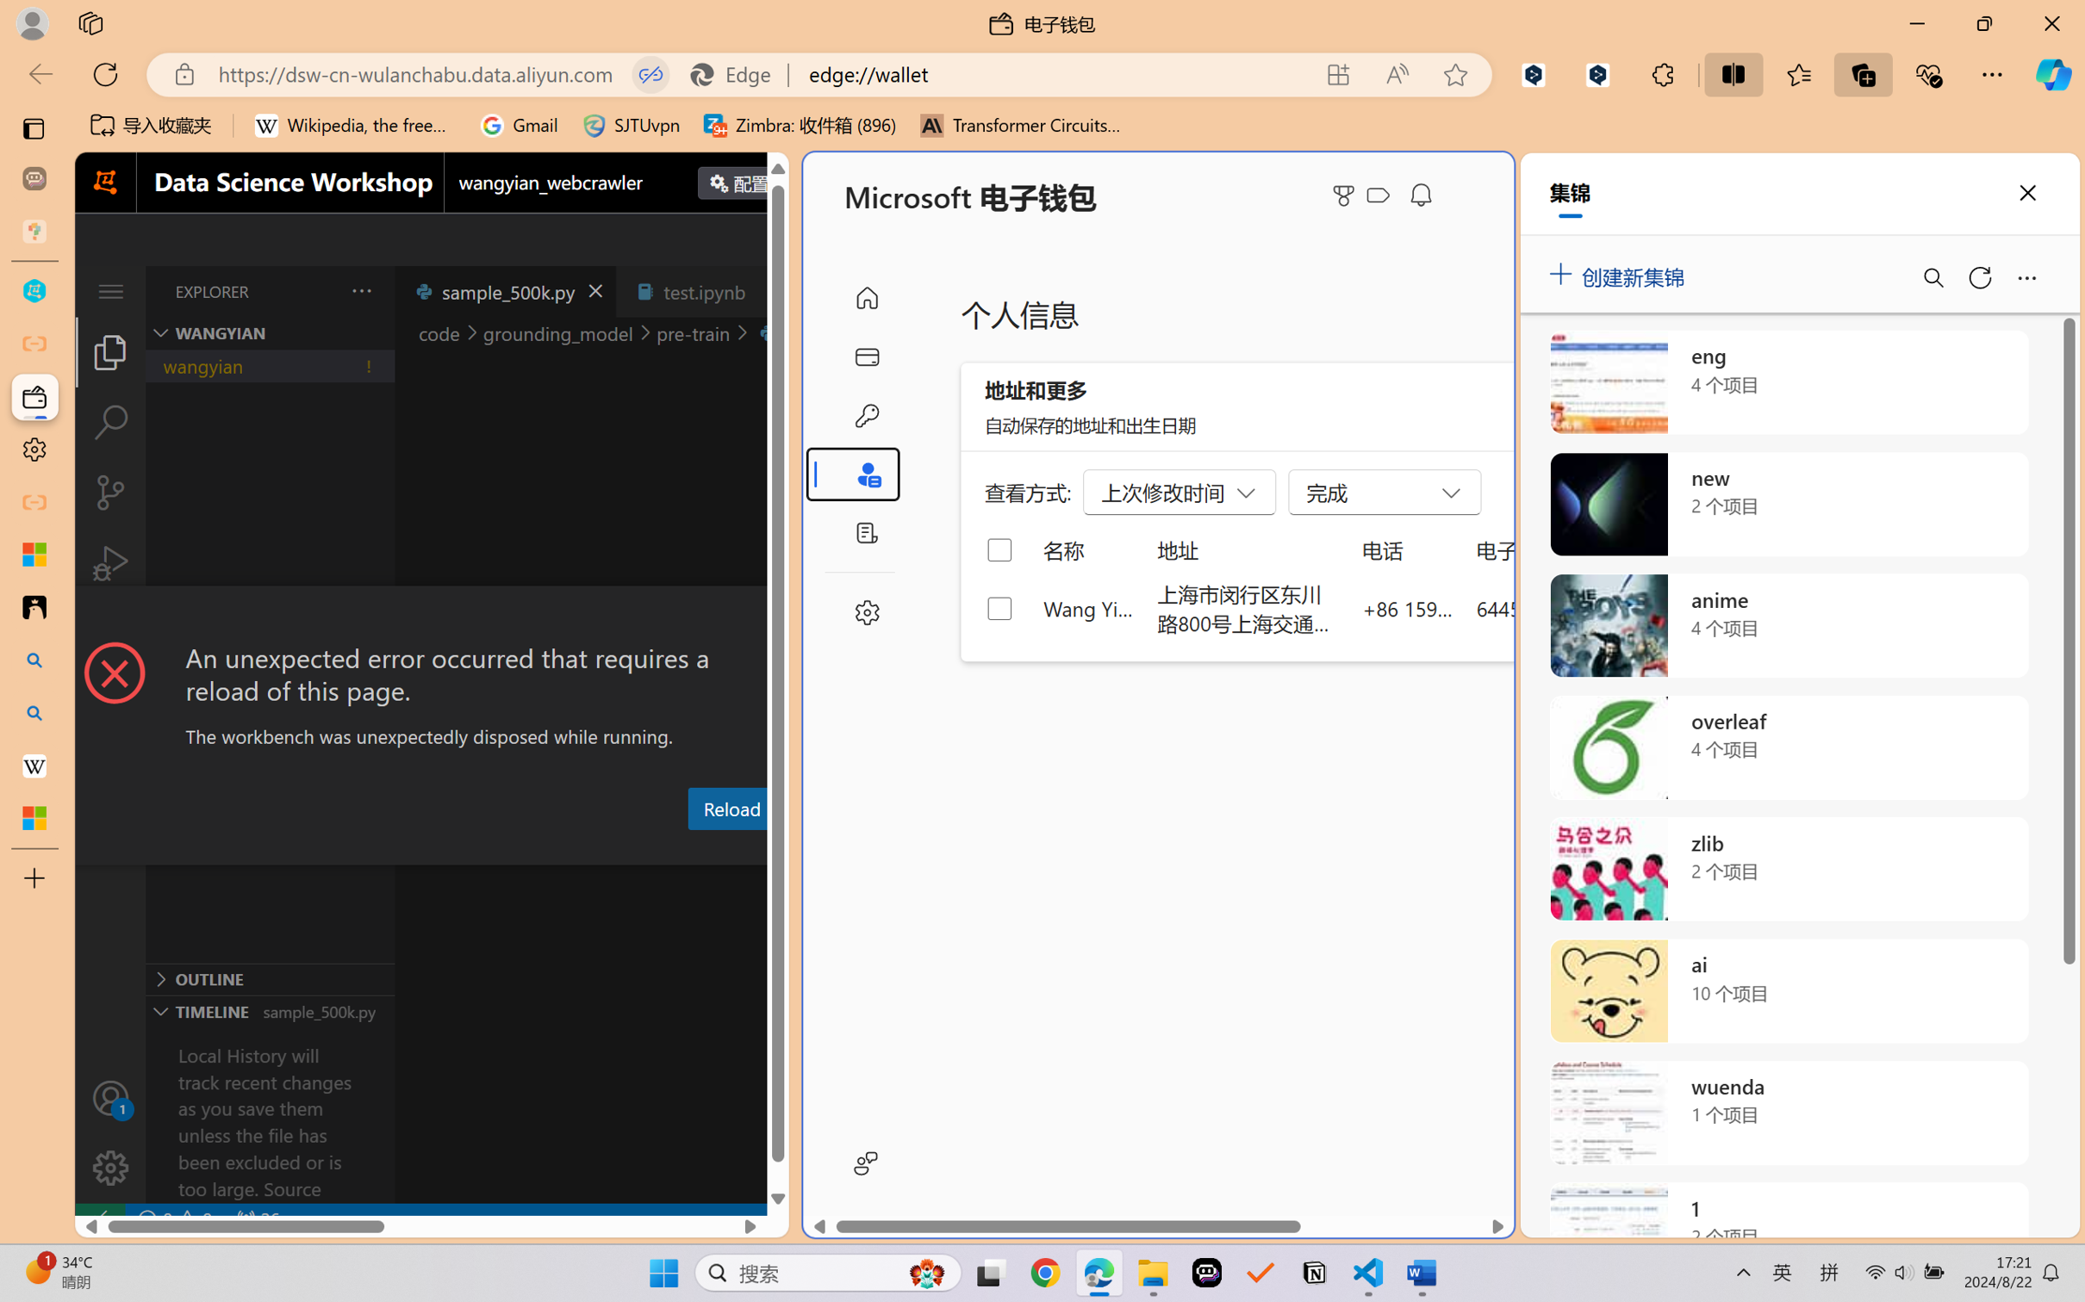 Image resolution: width=2085 pixels, height=1302 pixels. I want to click on 'sample_500k.py', so click(504, 290).